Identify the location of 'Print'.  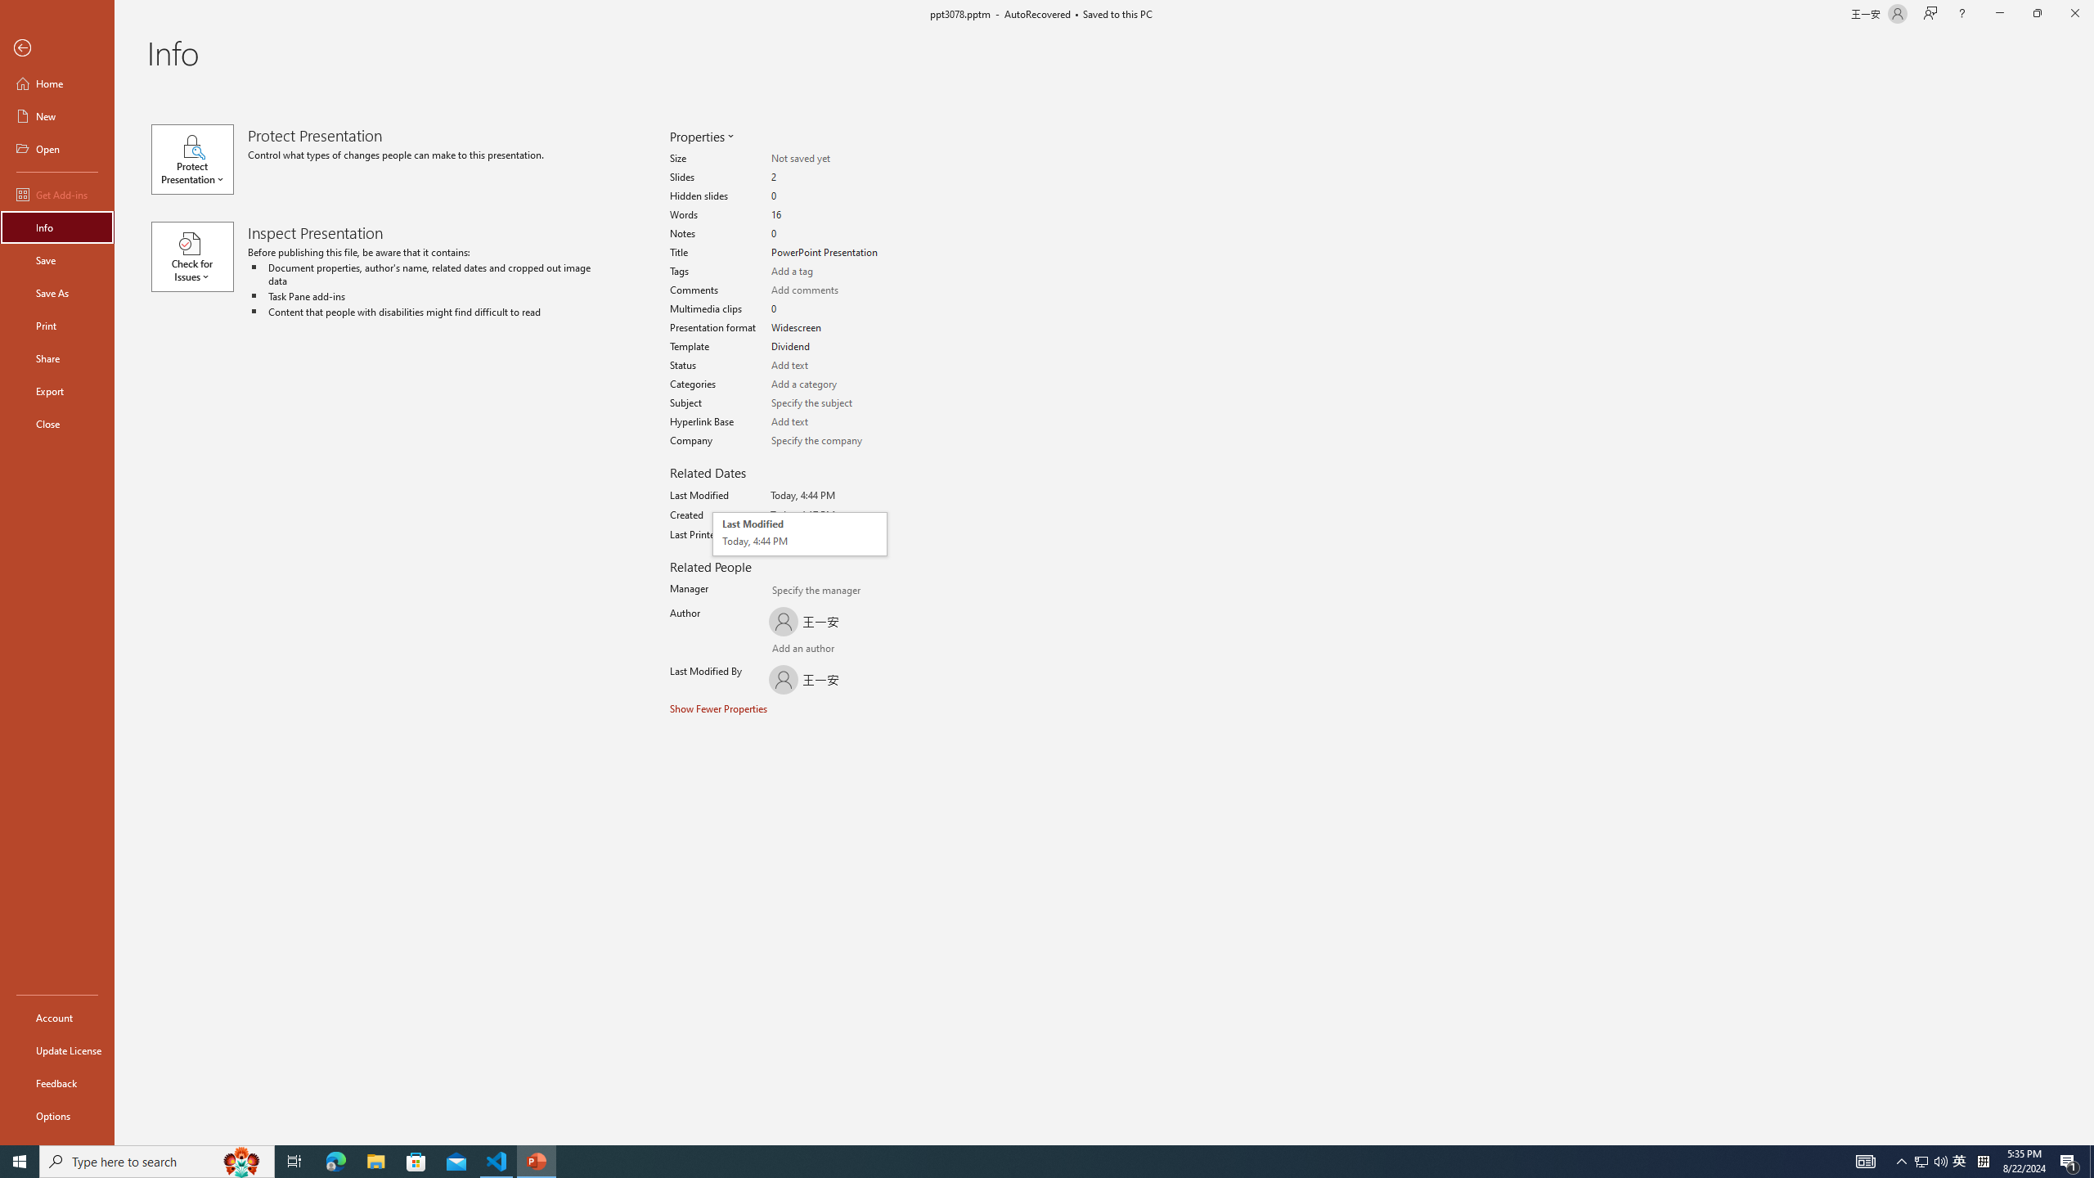
(56, 325).